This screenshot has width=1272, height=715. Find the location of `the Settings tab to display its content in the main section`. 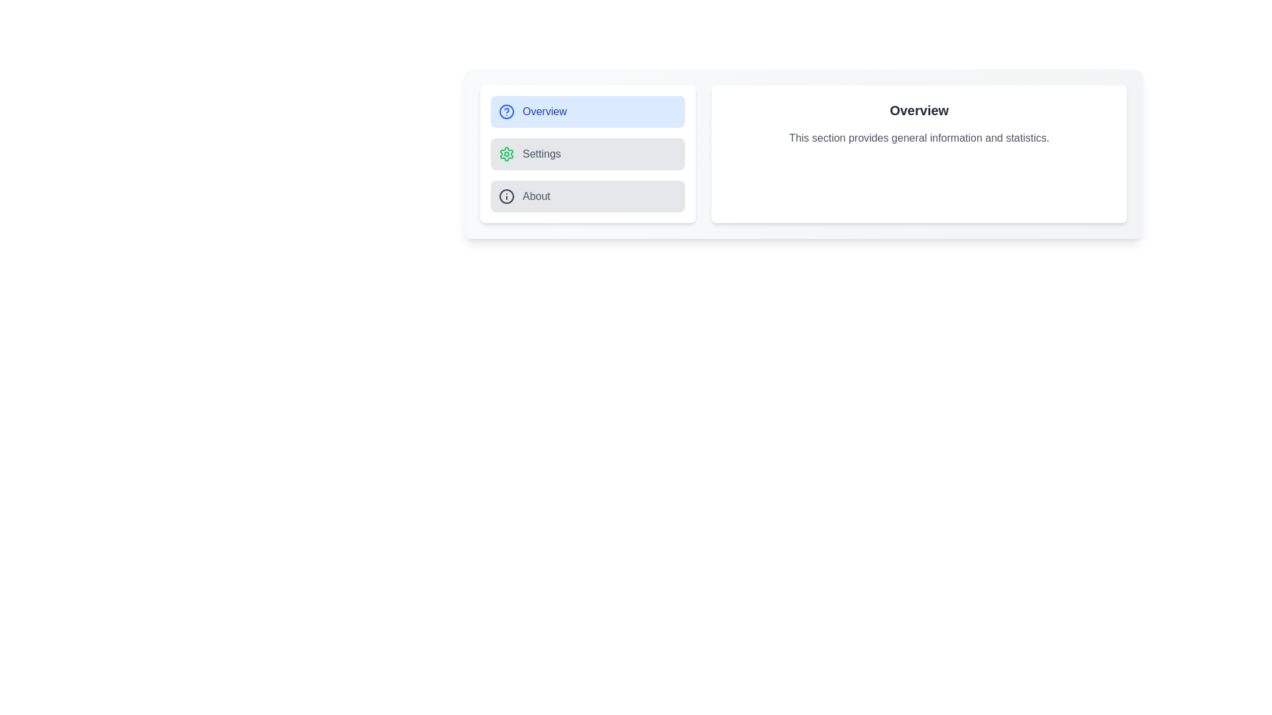

the Settings tab to display its content in the main section is located at coordinates (587, 153).